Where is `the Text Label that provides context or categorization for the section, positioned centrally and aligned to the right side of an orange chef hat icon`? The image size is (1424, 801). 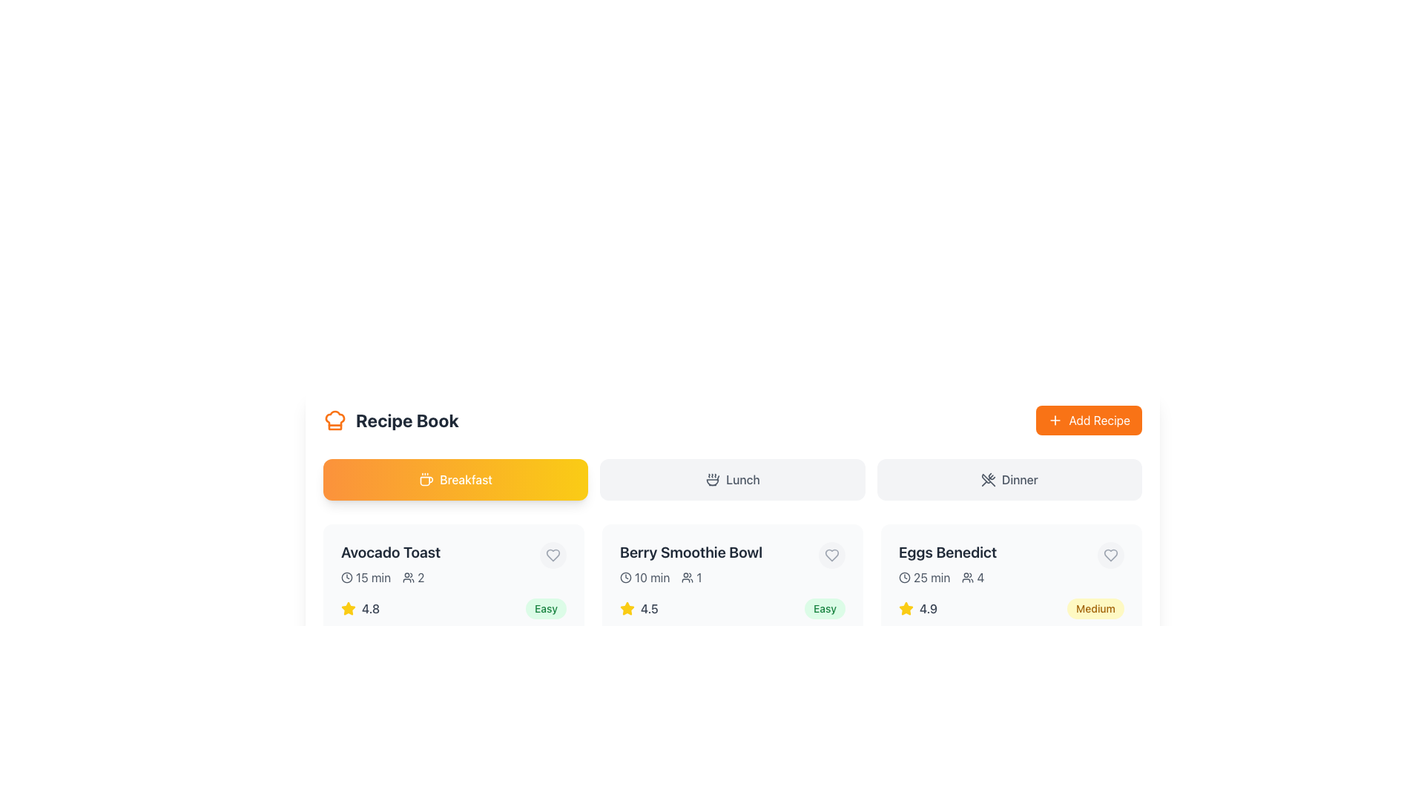 the Text Label that provides context or categorization for the section, positioned centrally and aligned to the right side of an orange chef hat icon is located at coordinates (407, 421).